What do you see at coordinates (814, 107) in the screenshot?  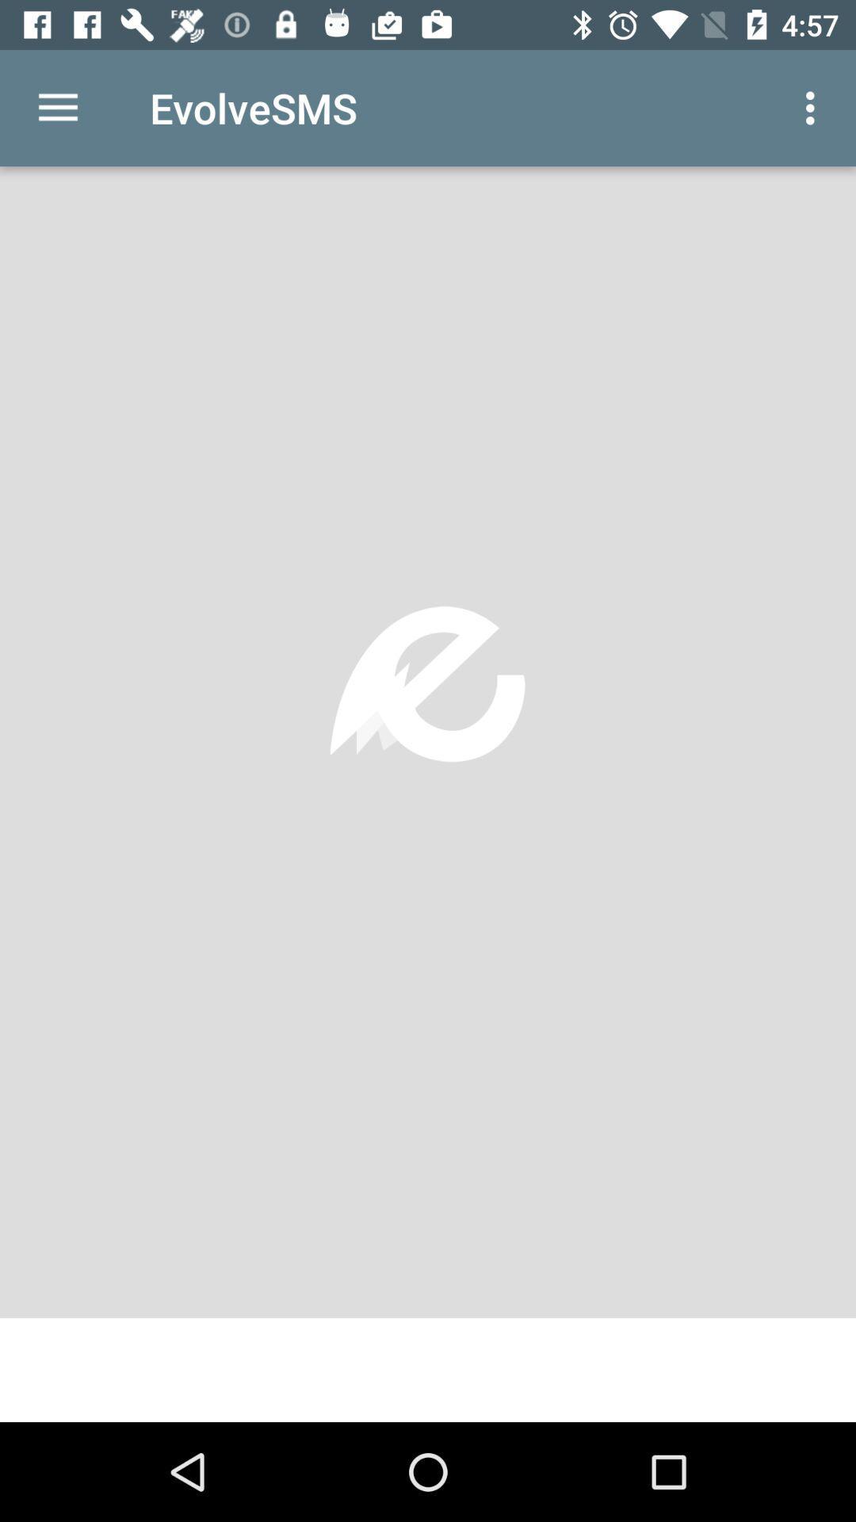 I see `icon next to the evolvesms` at bounding box center [814, 107].